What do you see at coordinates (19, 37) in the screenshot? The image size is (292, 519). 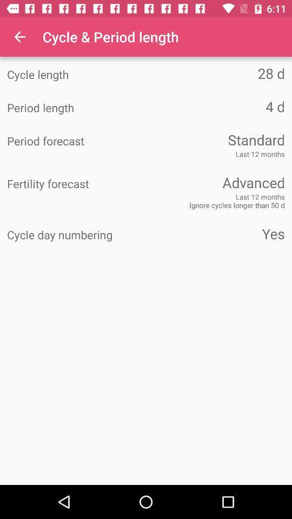 I see `item to the left of the cycle & period length item` at bounding box center [19, 37].